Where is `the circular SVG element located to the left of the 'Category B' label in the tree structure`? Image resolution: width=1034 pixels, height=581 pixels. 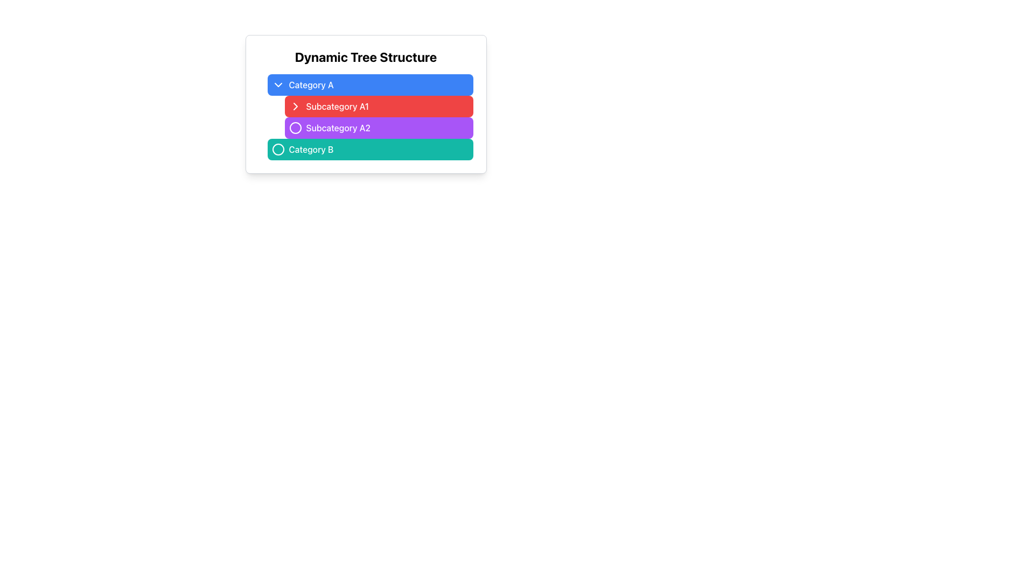
the circular SVG element located to the left of the 'Category B' label in the tree structure is located at coordinates (278, 149).